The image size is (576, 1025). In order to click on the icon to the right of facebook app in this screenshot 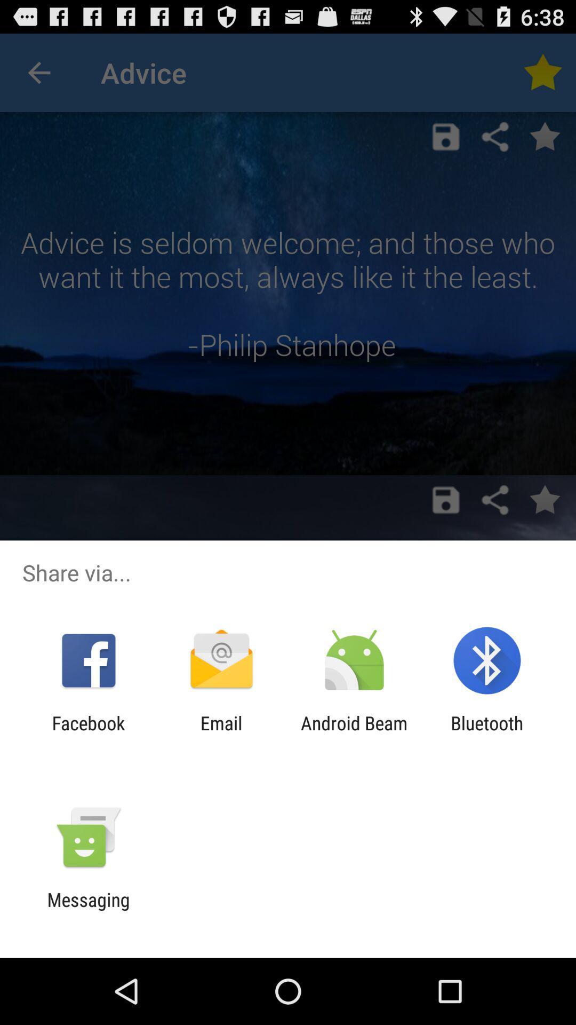, I will do `click(221, 734)`.